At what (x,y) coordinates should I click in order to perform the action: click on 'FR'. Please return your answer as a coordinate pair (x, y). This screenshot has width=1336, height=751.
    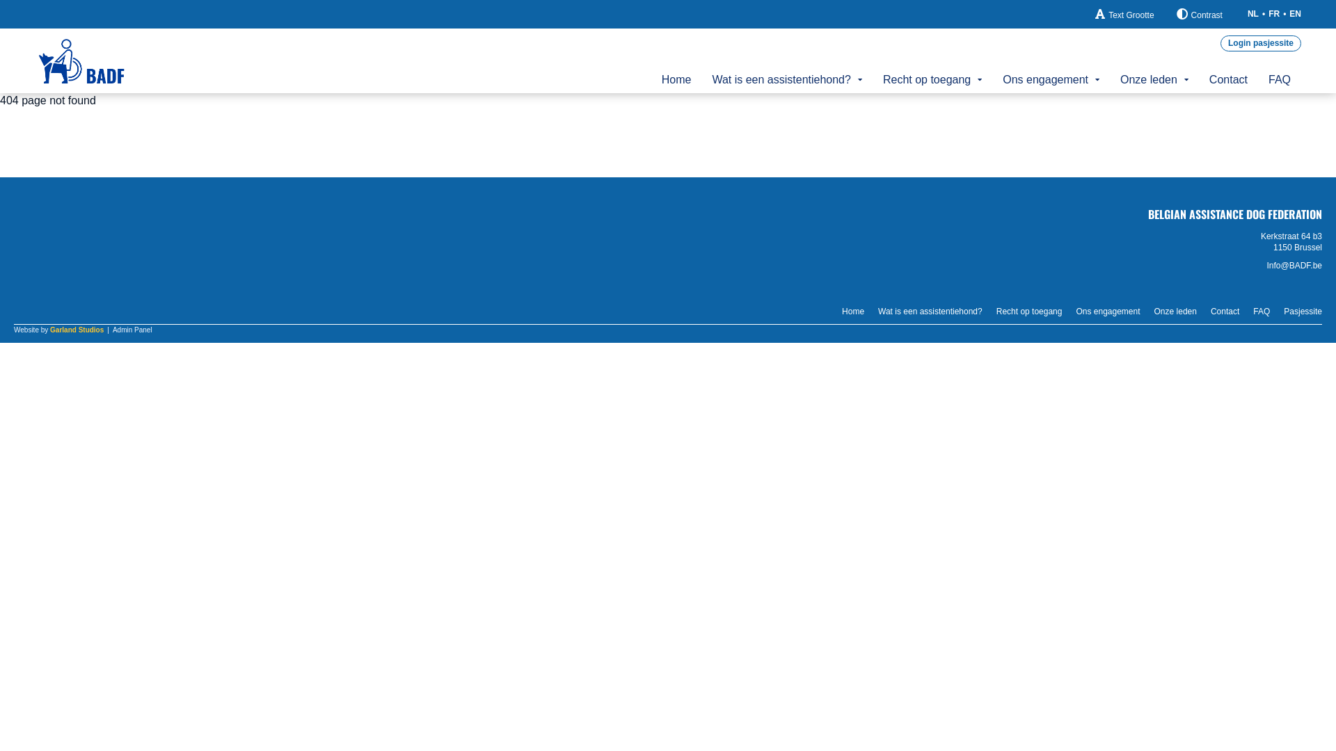
    Looking at the image, I should click on (1273, 13).